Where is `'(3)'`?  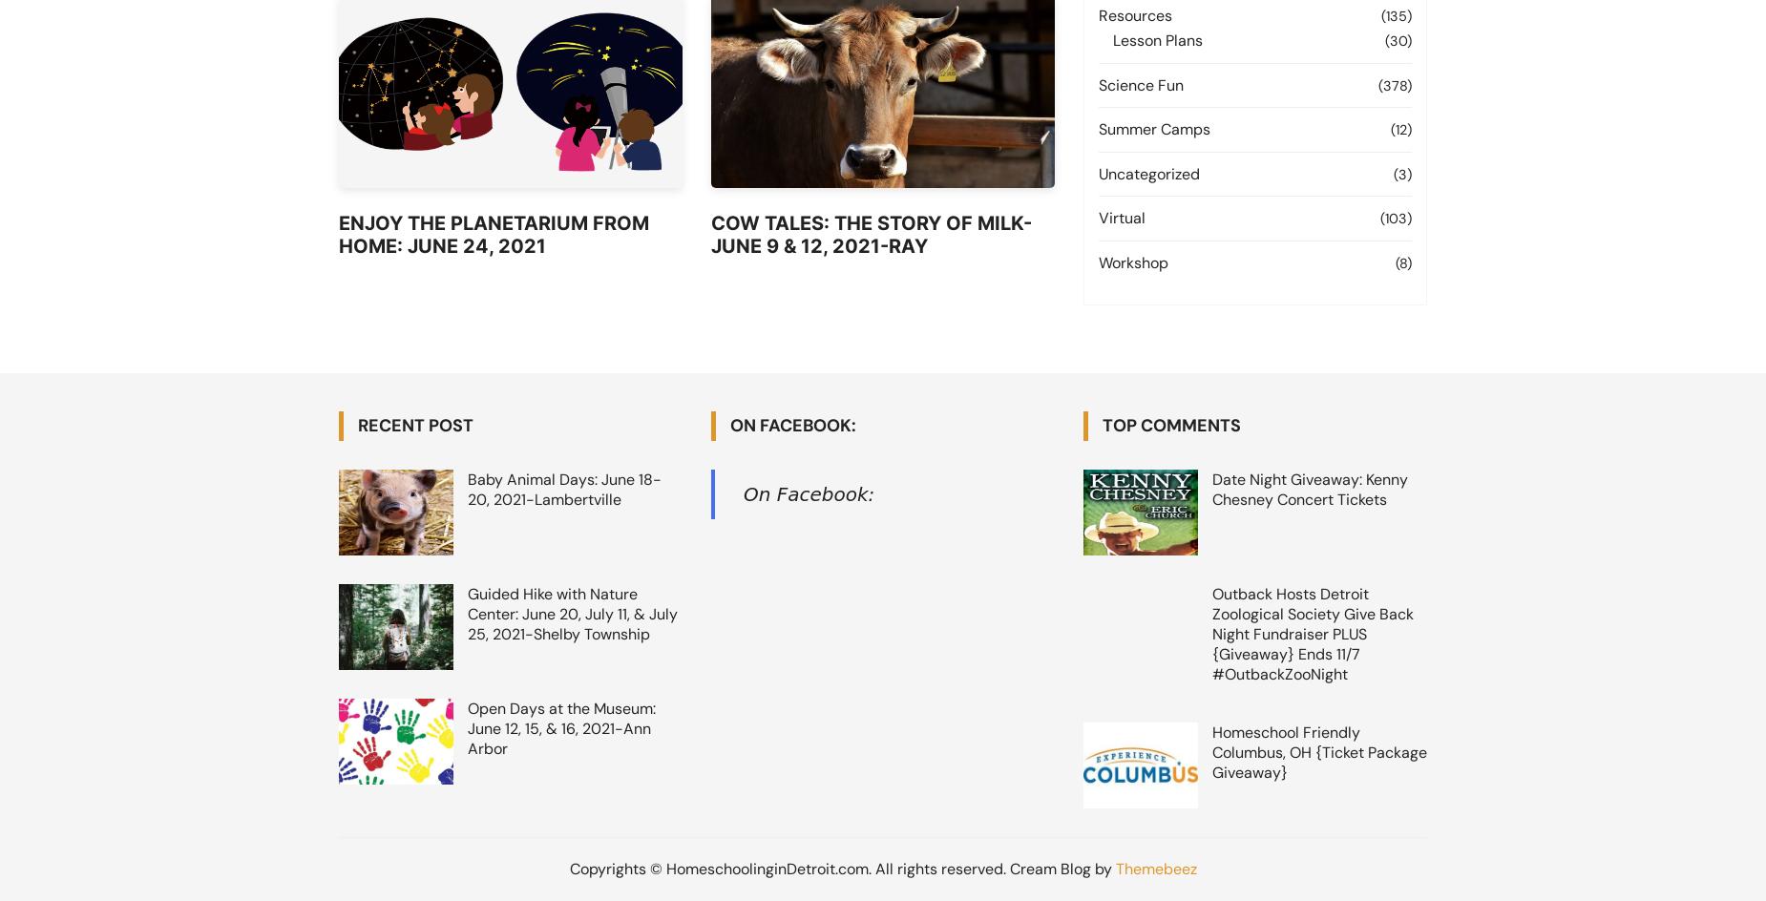
'(3)' is located at coordinates (1402, 173).